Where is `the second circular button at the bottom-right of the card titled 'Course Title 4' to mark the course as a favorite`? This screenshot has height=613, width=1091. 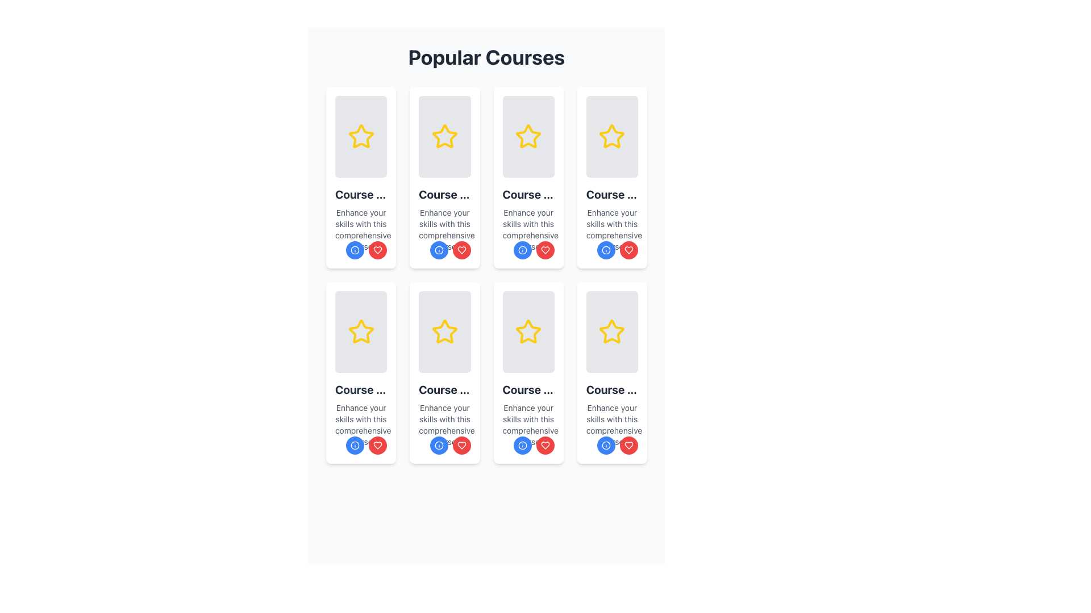
the second circular button at the bottom-right of the card titled 'Course Title 4' to mark the course as a favorite is located at coordinates (617, 249).